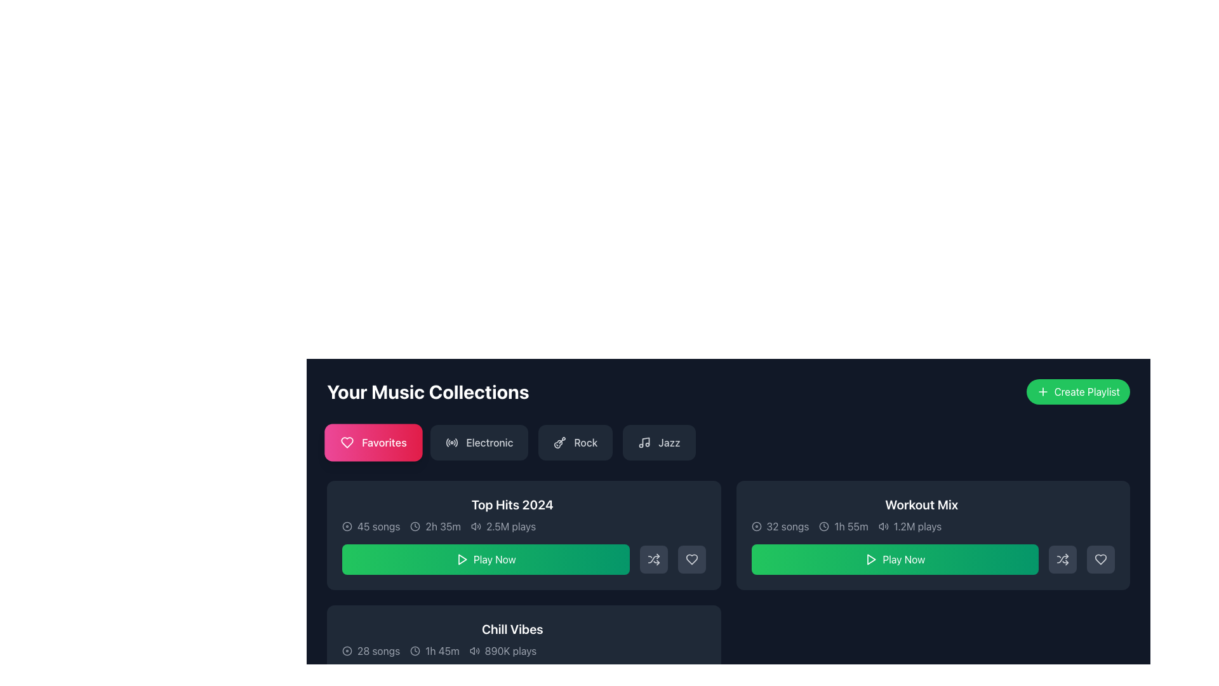 The width and height of the screenshot is (1219, 686). I want to click on metadata information displayed in the text line, which includes '45 songs', '2h 35m', and '2.5M plays' located below the title 'Top Hits 2024', so click(512, 527).